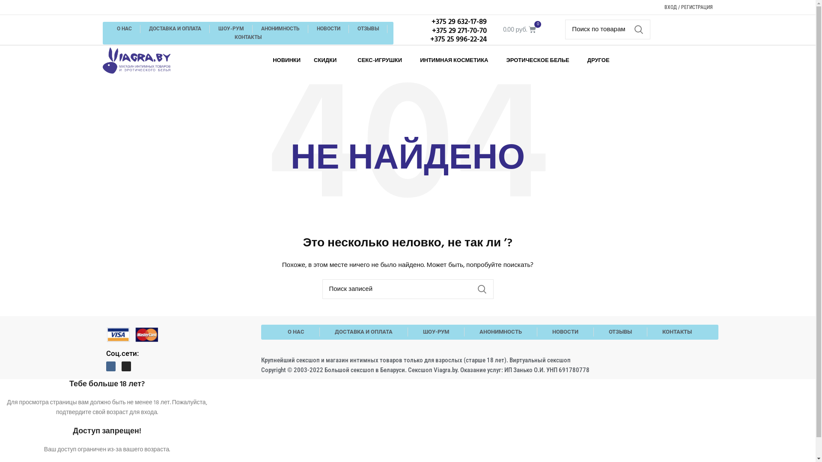  What do you see at coordinates (440, 31) in the screenshot?
I see `'+375 29 271-70-70'` at bounding box center [440, 31].